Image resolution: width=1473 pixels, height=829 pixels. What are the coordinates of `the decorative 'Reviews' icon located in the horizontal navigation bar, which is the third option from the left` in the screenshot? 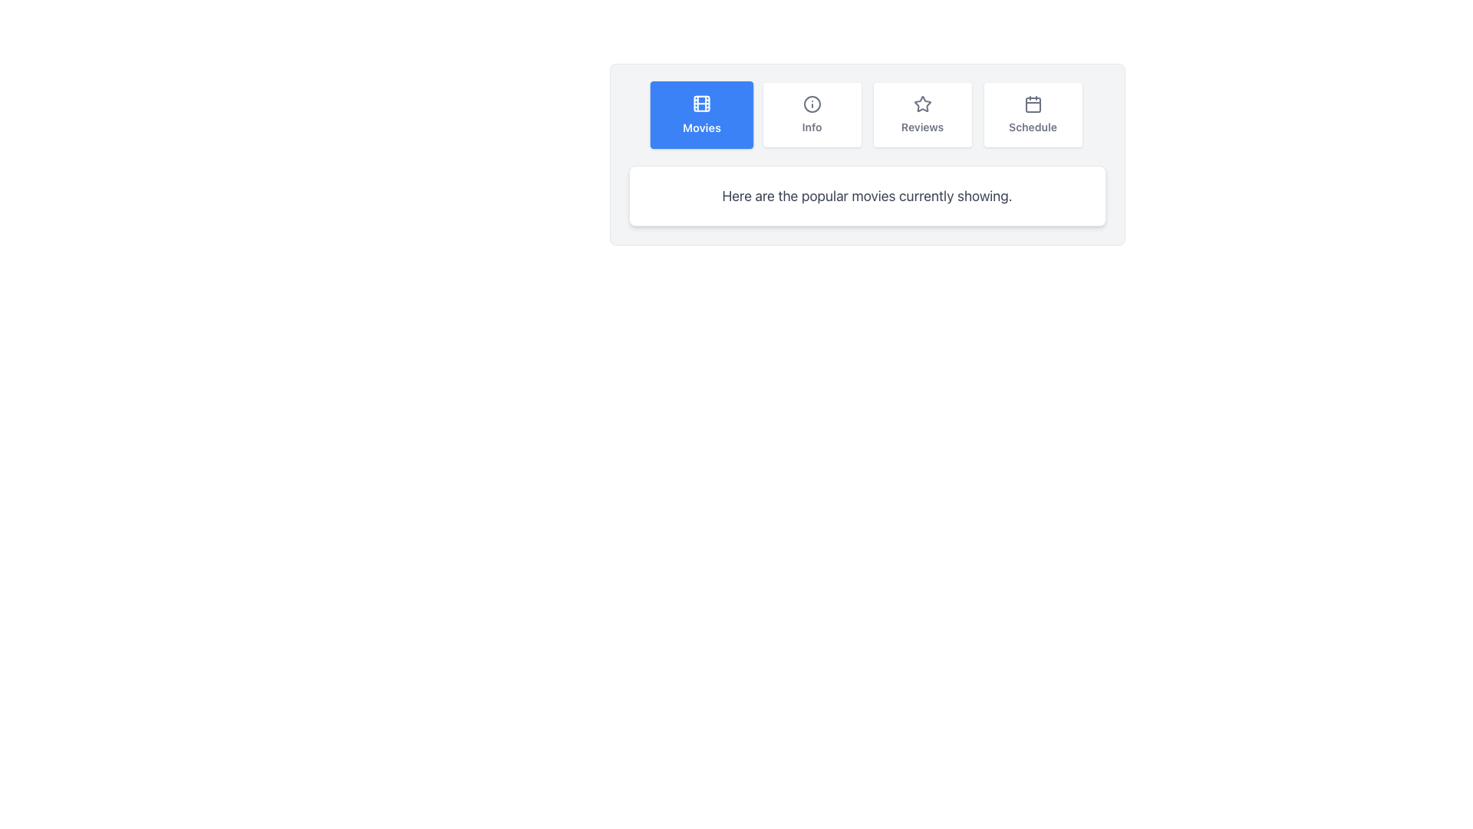 It's located at (921, 104).